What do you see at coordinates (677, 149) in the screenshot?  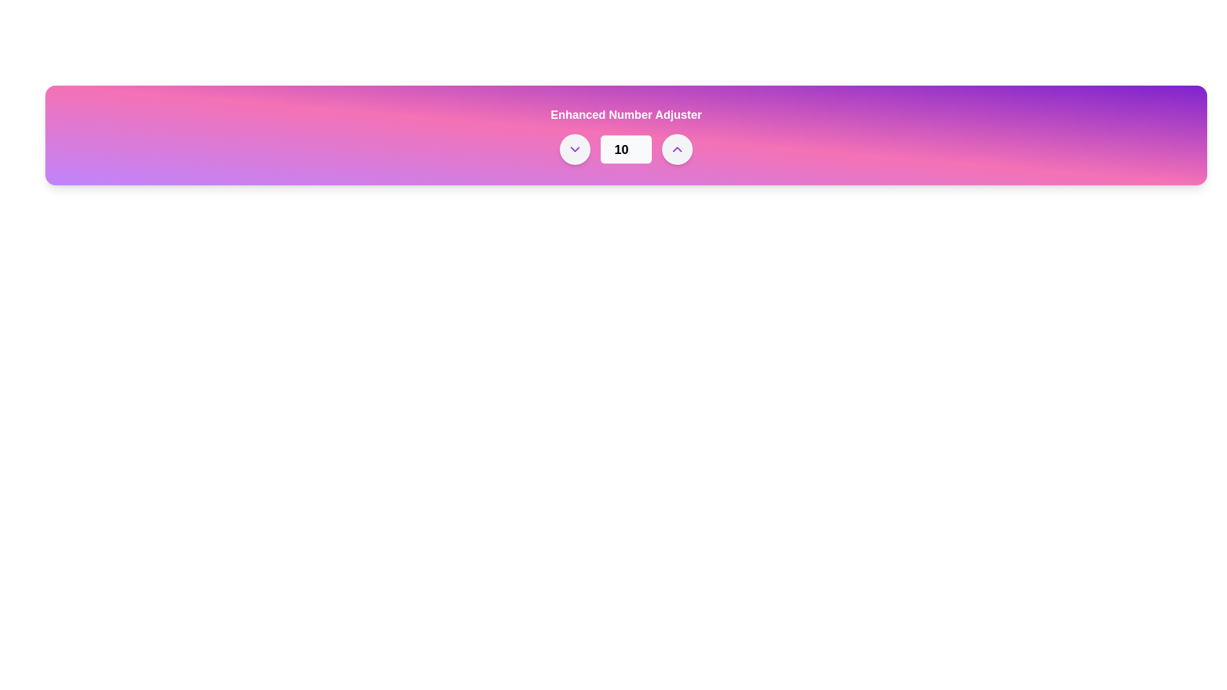 I see `the upward adjustment icon located inside a circular button on the right side of the three components below the 'Enhanced Number Adjuster' title to increase the value in the numeric input box` at bounding box center [677, 149].